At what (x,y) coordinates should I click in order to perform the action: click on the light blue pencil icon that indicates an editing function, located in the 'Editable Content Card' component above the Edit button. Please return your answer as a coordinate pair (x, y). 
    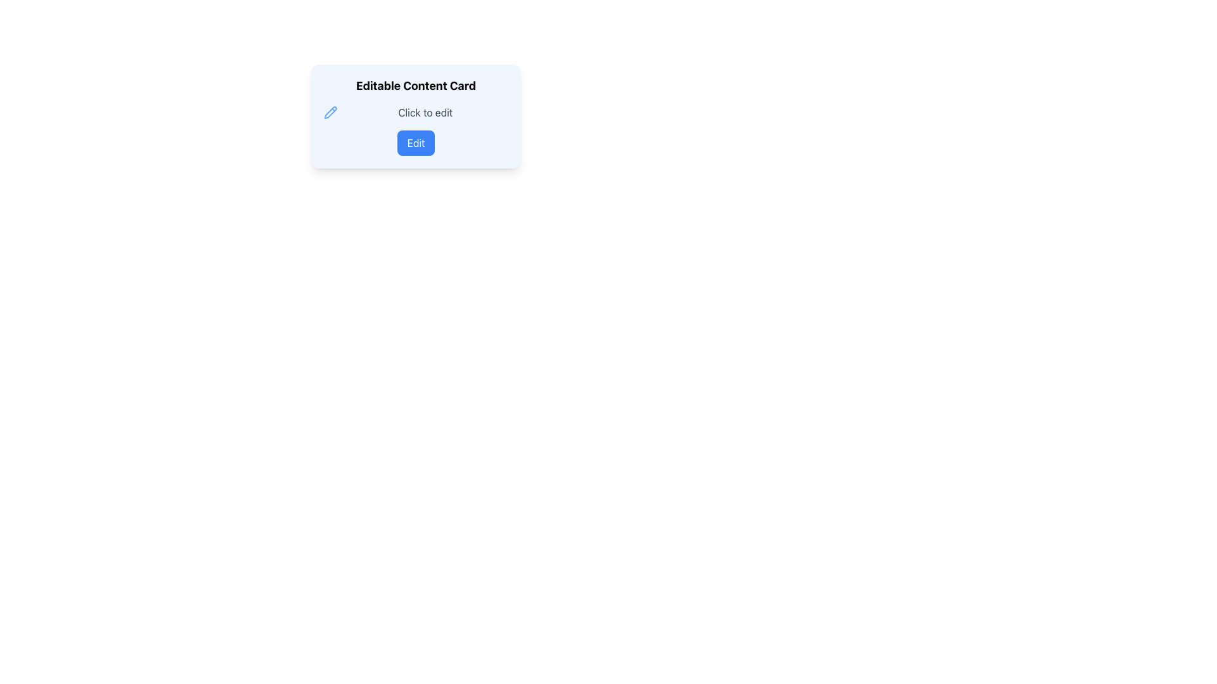
    Looking at the image, I should click on (330, 111).